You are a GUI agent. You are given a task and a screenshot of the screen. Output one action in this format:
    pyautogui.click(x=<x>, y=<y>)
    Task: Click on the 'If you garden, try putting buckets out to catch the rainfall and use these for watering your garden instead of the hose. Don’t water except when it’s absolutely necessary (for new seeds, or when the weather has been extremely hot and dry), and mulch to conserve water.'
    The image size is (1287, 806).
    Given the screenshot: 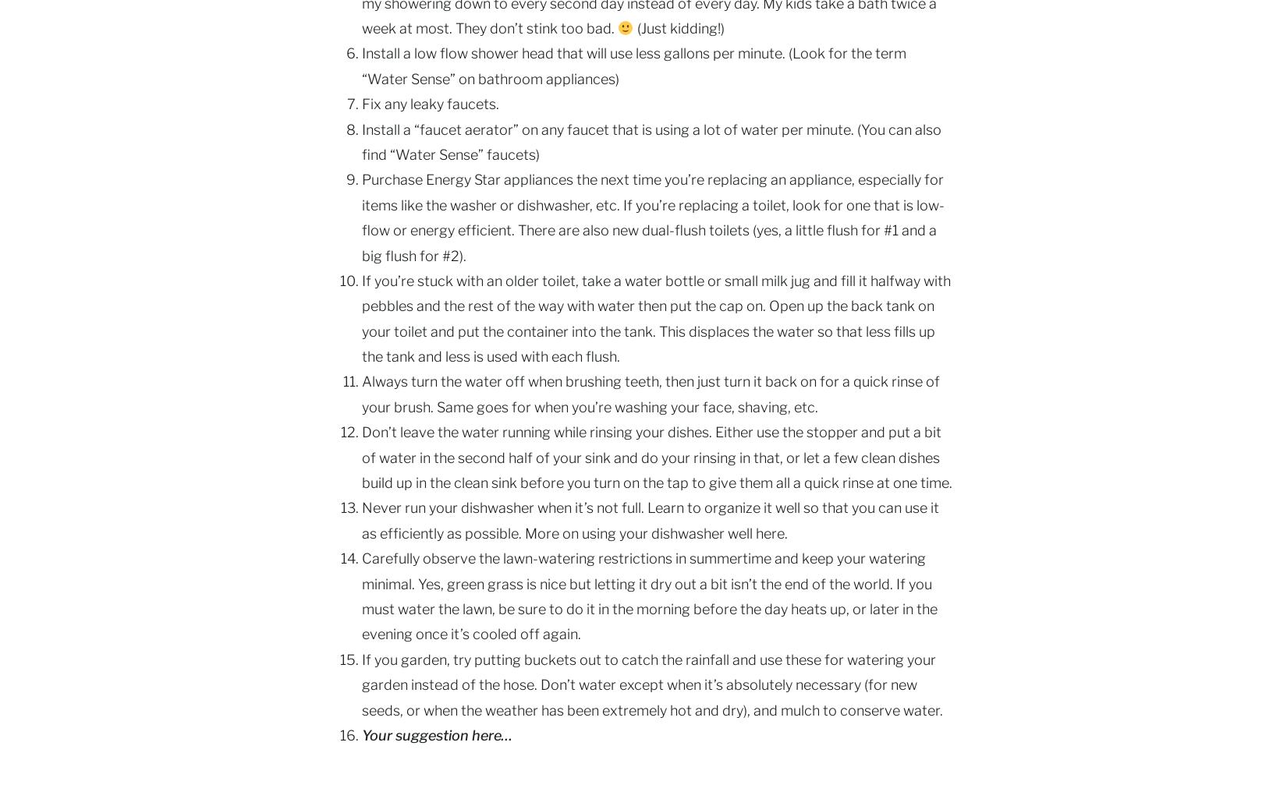 What is the action you would take?
    pyautogui.click(x=652, y=683)
    